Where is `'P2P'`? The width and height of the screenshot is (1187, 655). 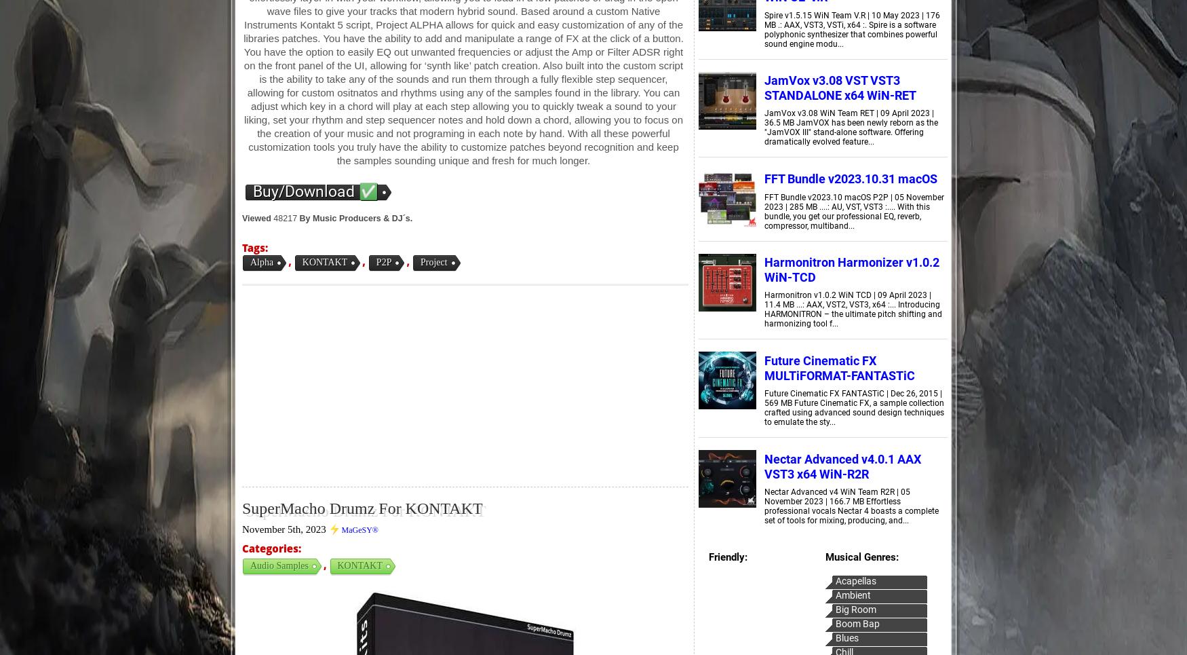
'P2P' is located at coordinates (383, 261).